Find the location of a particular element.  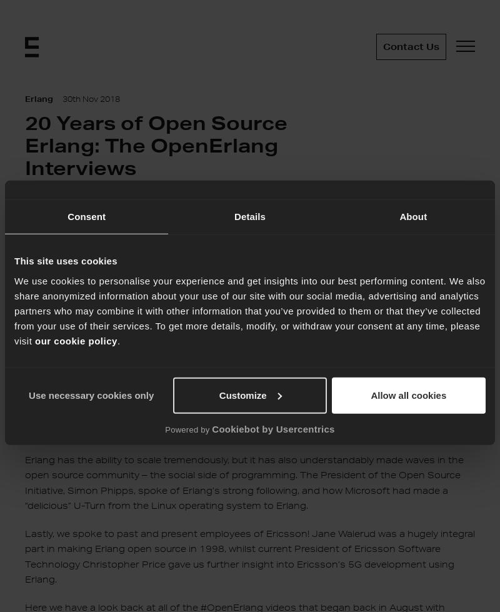

'This site uses cookies' is located at coordinates (65, 260).